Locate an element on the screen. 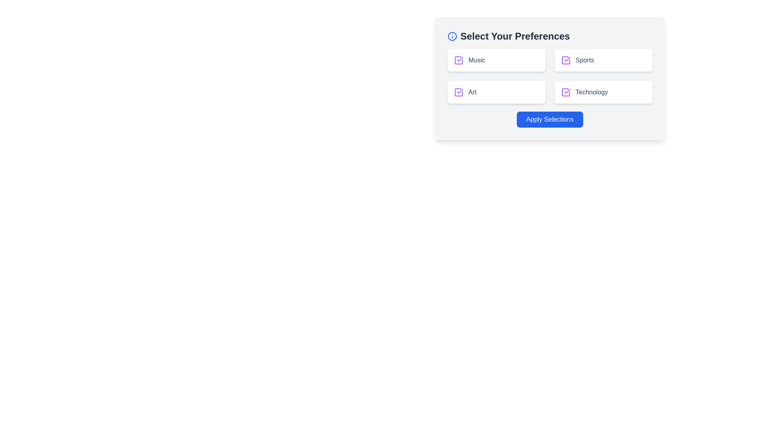 This screenshot has height=432, width=768. the purple checkmark icon located in the first checkbox of the 'Music' options grid, which is styled with a rounded square profile is located at coordinates (460, 58).